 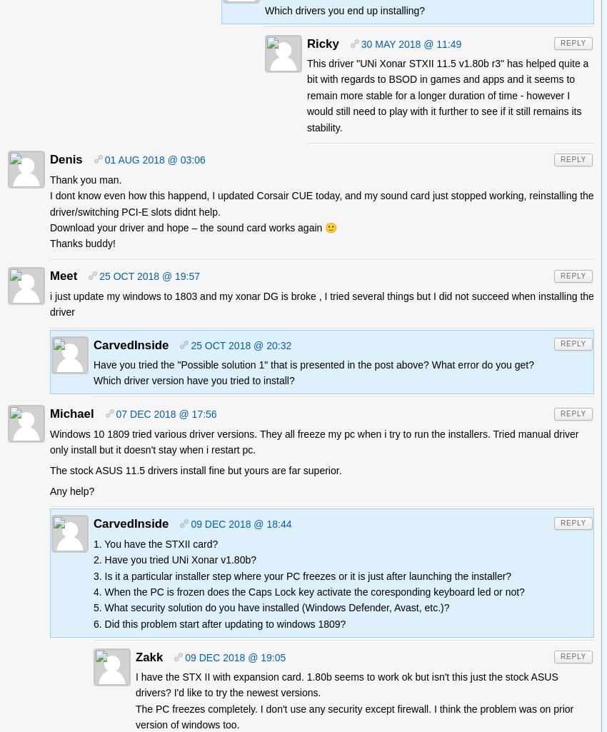 I want to click on '09 Dec 2018 @ 18:44', so click(x=241, y=523).